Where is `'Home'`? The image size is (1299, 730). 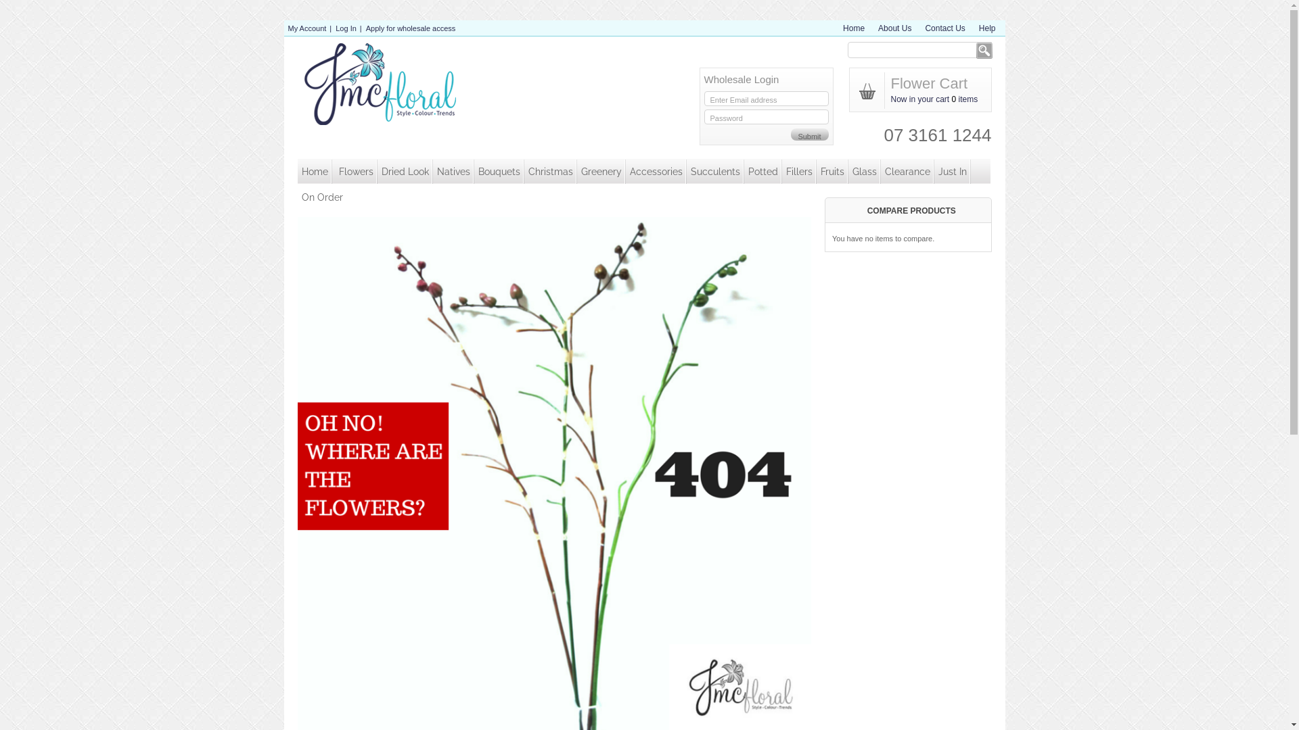 'Home' is located at coordinates (314, 171).